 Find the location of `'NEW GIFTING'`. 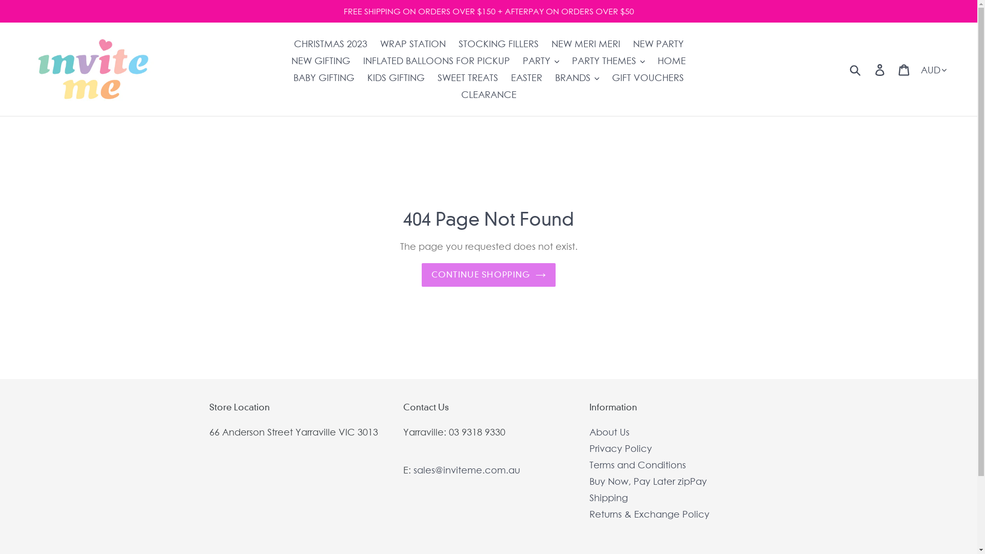

'NEW GIFTING' is located at coordinates (320, 61).